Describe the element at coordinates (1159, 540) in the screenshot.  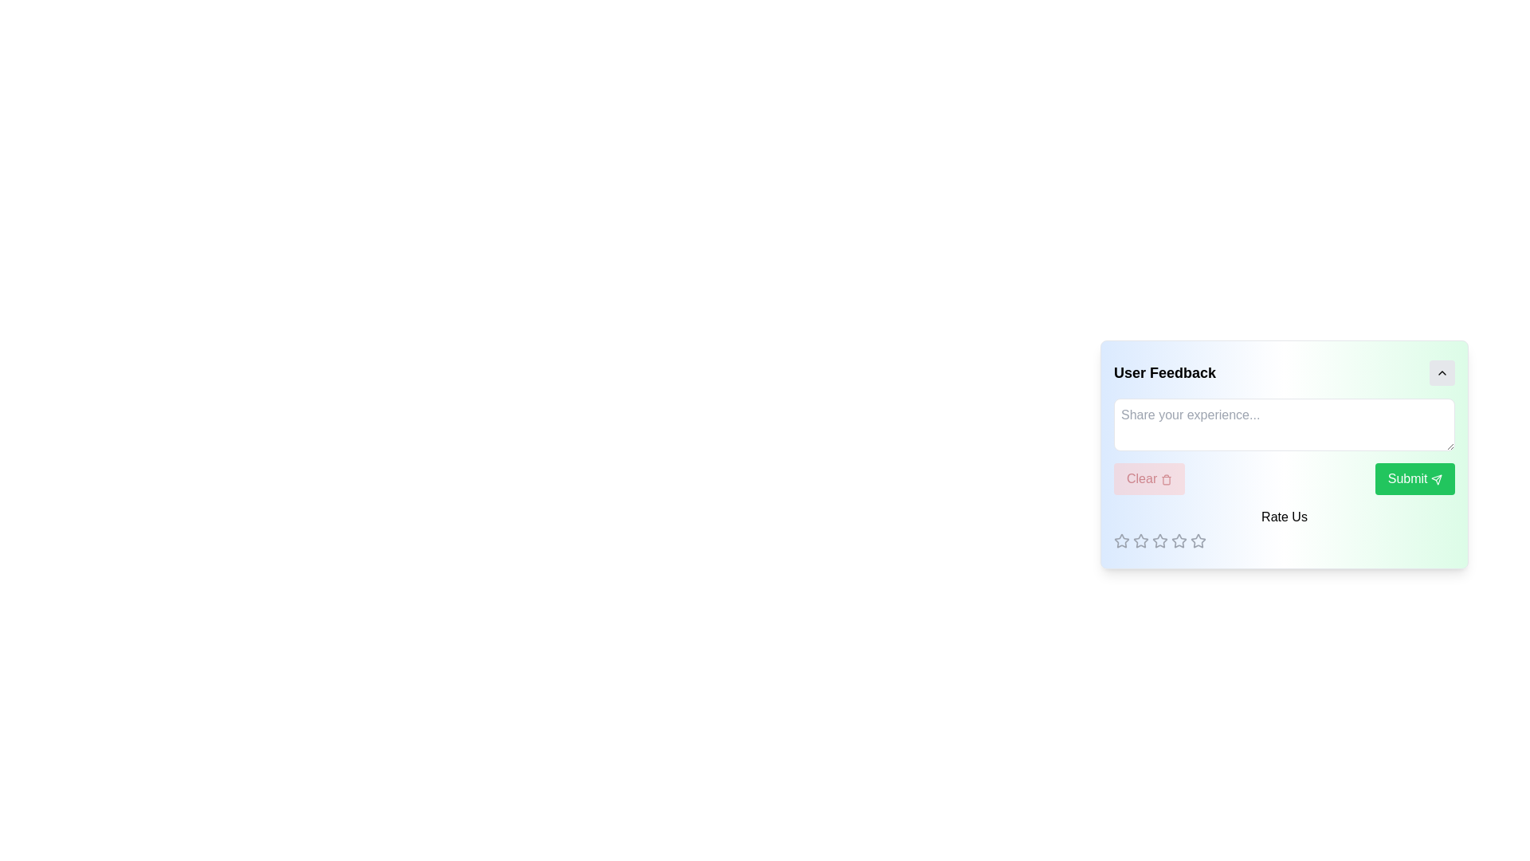
I see `the leftmost star icon` at that location.